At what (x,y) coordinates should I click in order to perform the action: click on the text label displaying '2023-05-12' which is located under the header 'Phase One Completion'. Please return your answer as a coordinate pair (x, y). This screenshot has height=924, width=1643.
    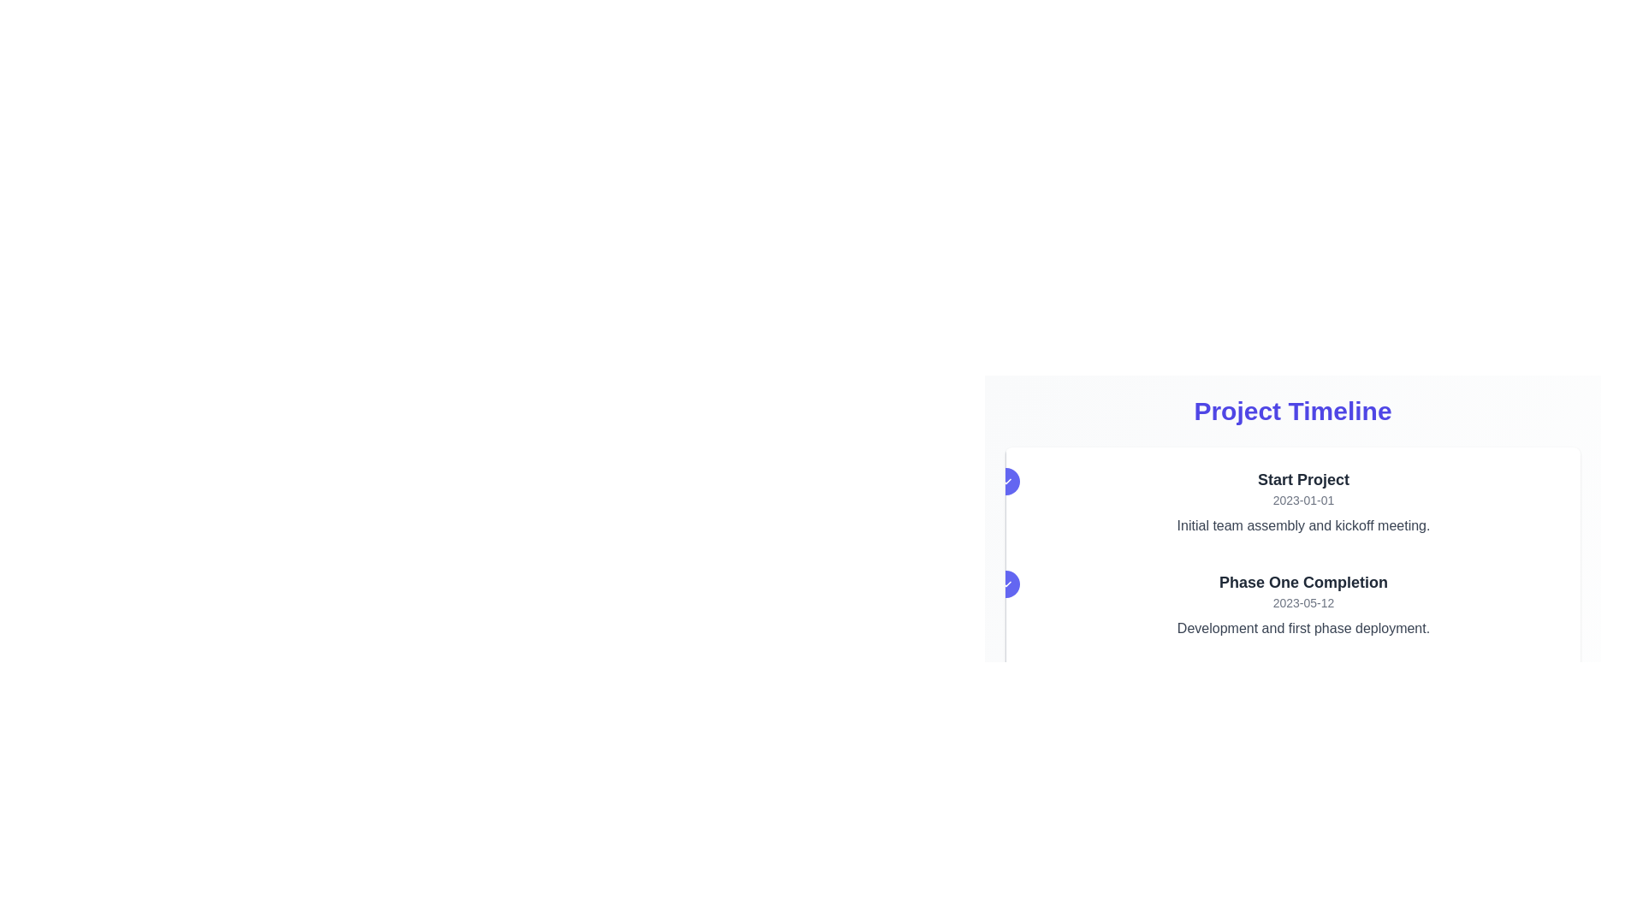
    Looking at the image, I should click on (1302, 602).